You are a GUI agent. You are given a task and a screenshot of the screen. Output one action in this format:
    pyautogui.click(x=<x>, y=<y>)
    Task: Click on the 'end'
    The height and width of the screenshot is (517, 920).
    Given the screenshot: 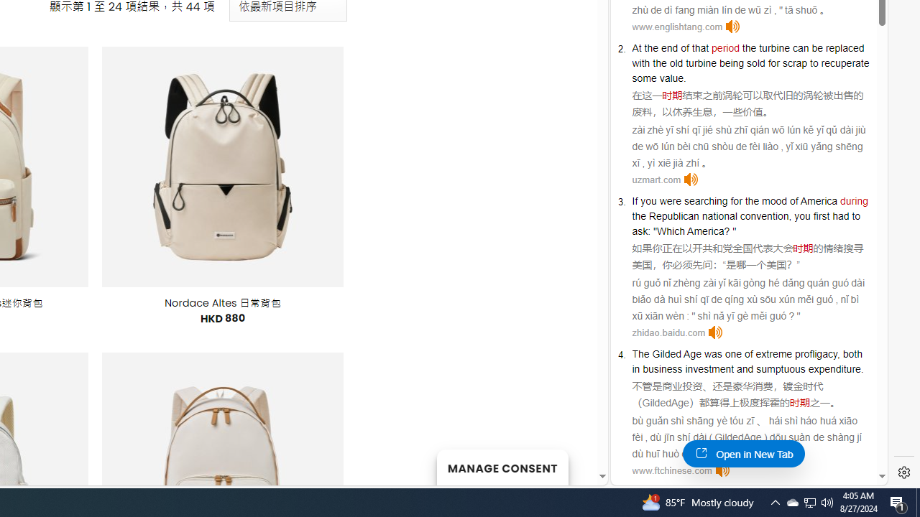 What is the action you would take?
    pyautogui.click(x=668, y=47)
    